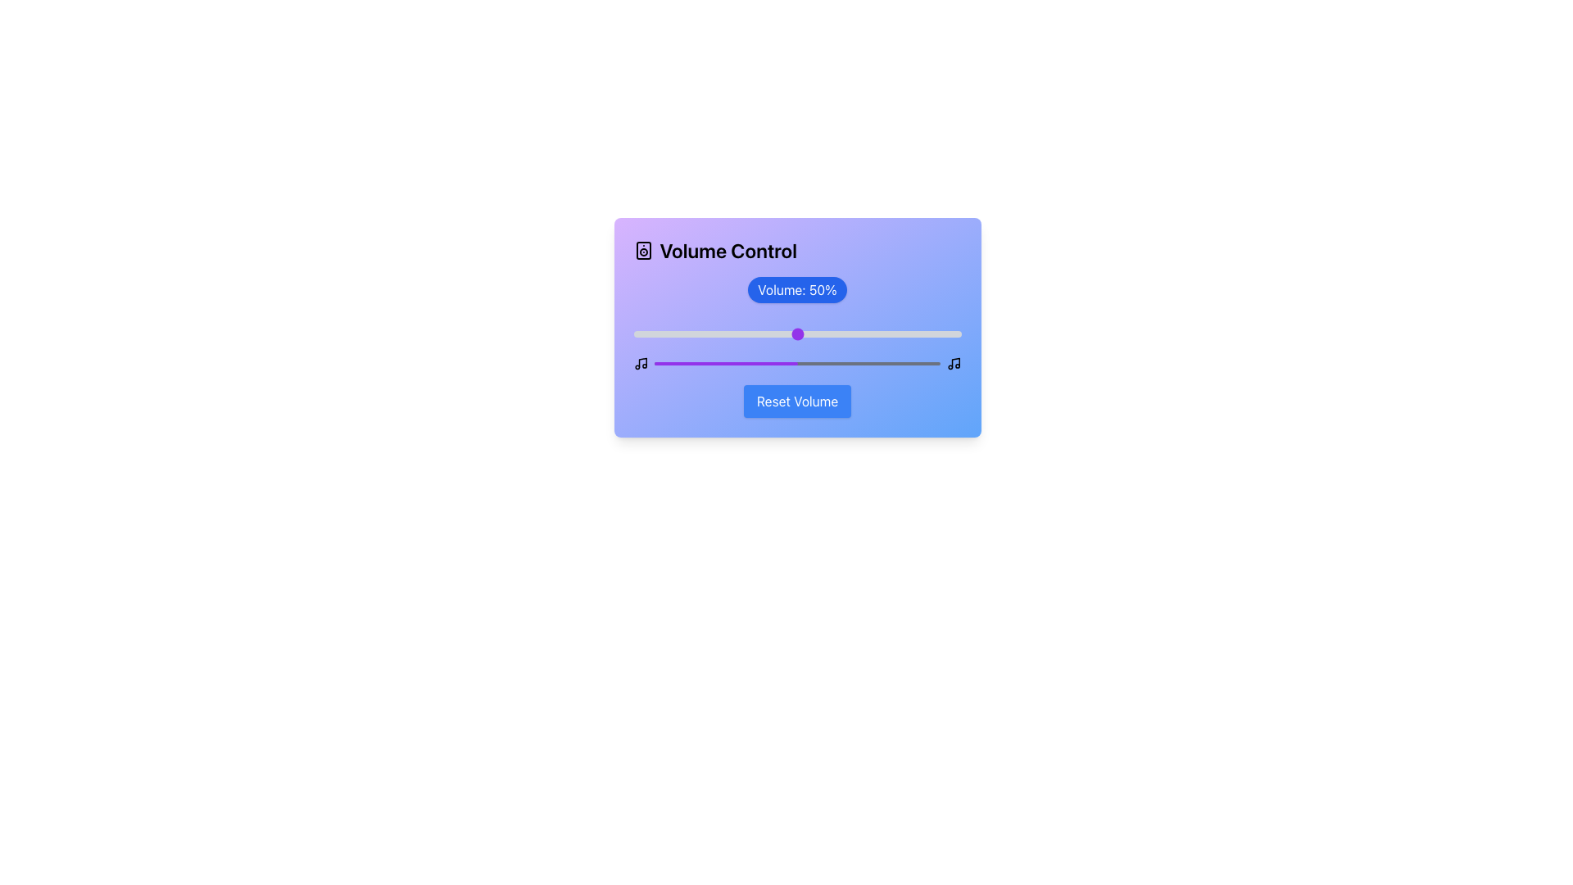 This screenshot has width=1573, height=885. I want to click on the progress indicator of the volume control, which visually represents the current setting level within the horizontal slider bar below the 'Volume: 50%' label, so click(725, 362).